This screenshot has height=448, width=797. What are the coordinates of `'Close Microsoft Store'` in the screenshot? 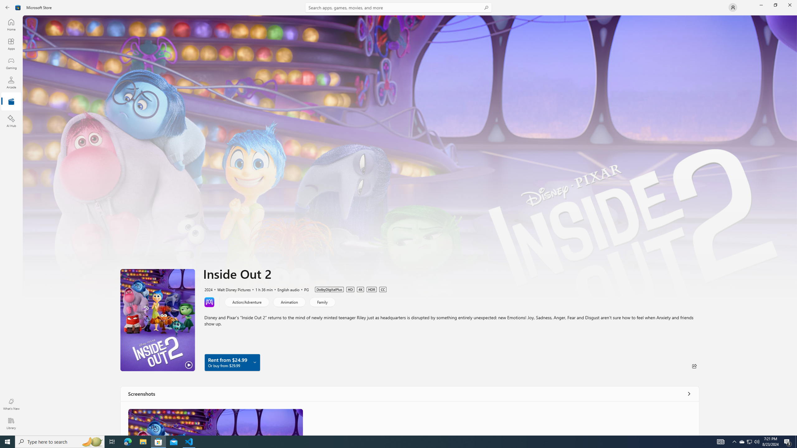 It's located at (789, 5).